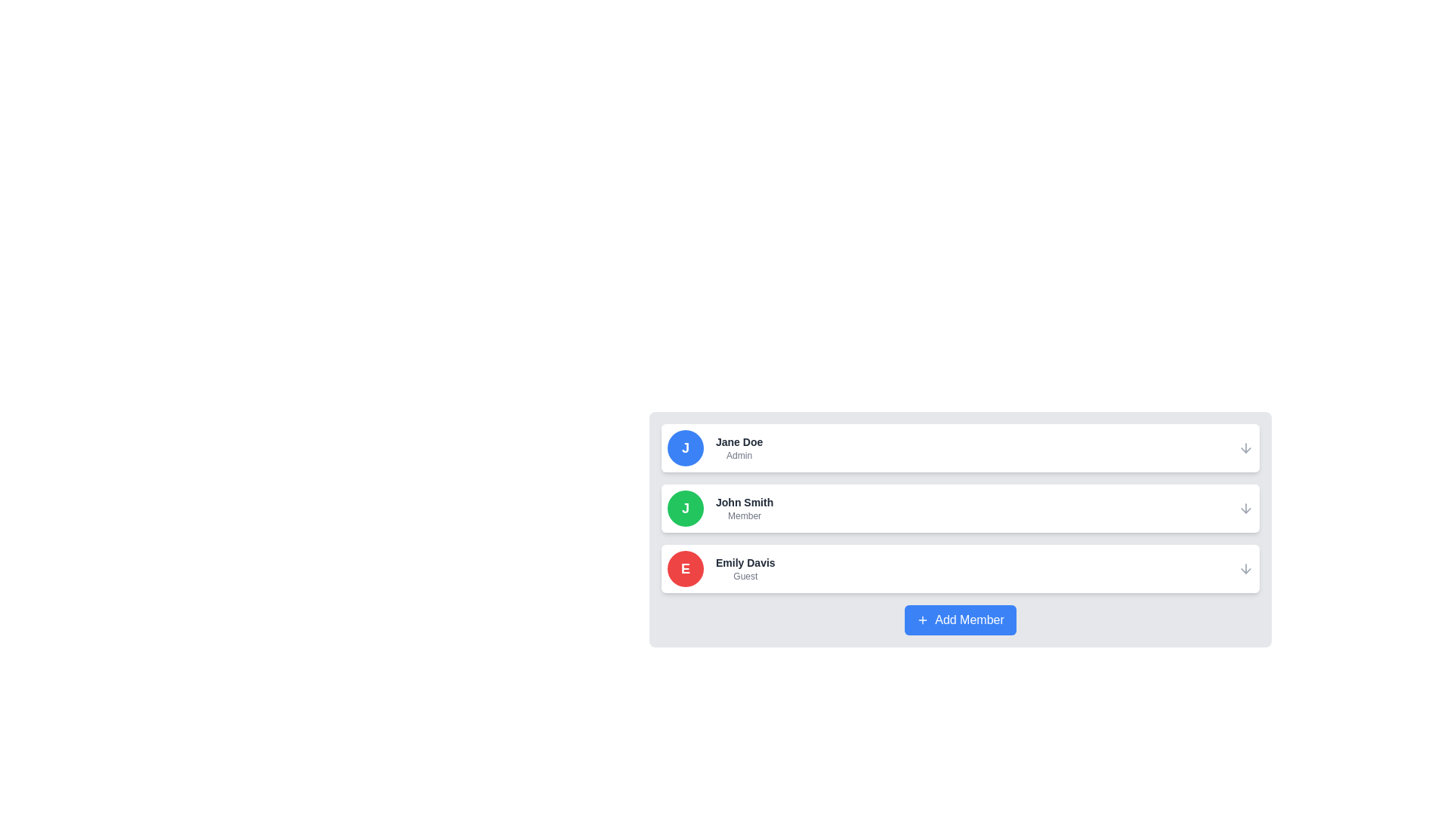 This screenshot has width=1450, height=815. I want to click on the circular profile icon with a green background and a white 'J' for John Smith, located in the second profile card on the left side, so click(684, 509).